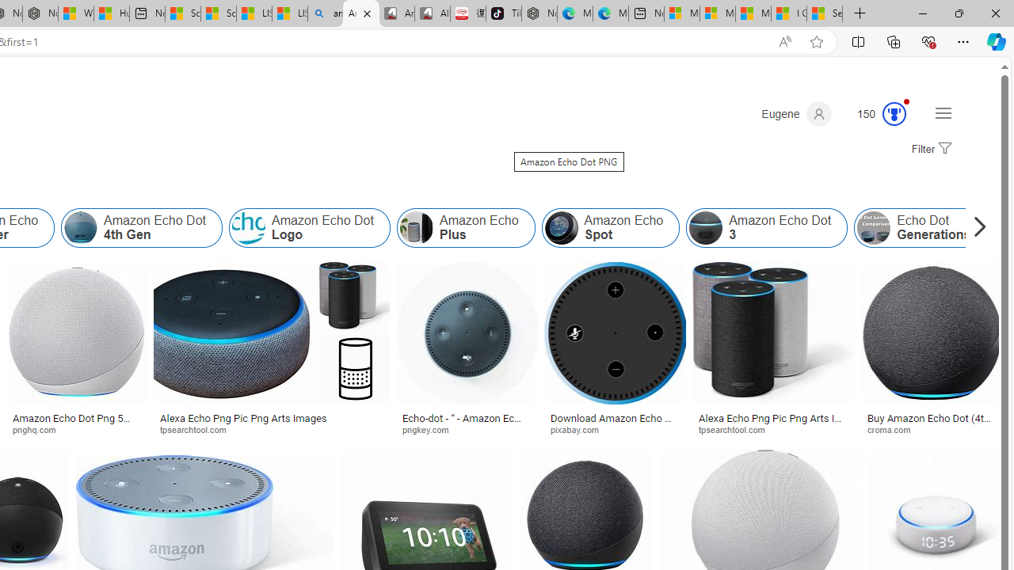  Describe the element at coordinates (975, 228) in the screenshot. I see `'Scroll right'` at that location.